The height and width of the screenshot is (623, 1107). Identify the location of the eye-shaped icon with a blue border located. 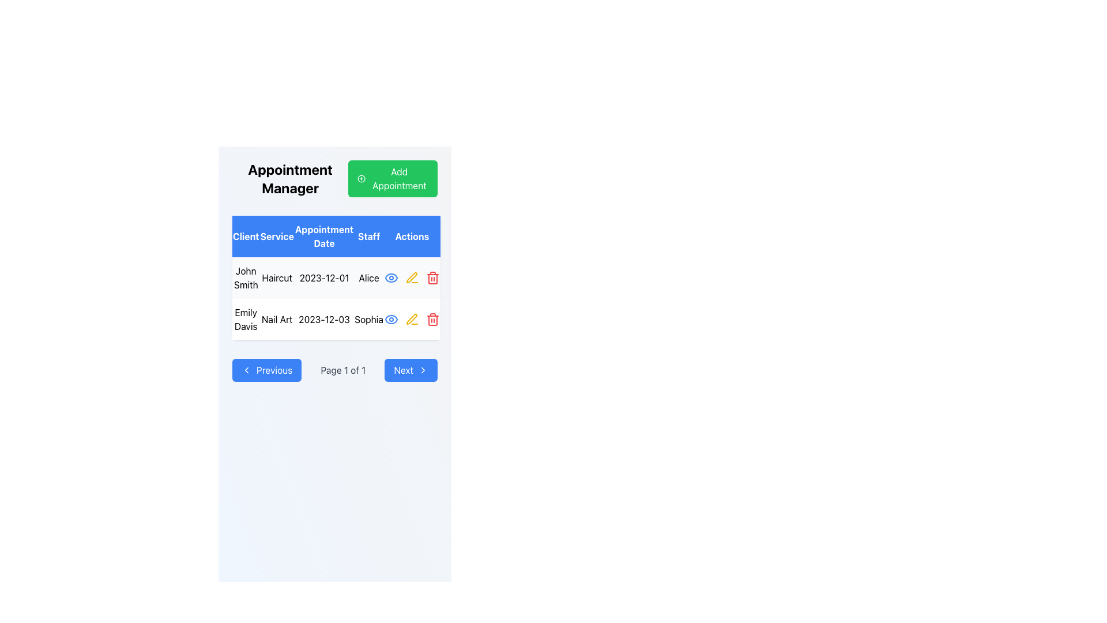
(391, 320).